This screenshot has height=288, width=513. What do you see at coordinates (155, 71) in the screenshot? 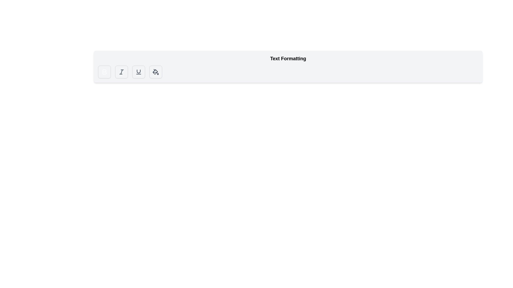
I see `the fourth icon in the horizontal series of icons, which resembles a paint bucket being tipped` at bounding box center [155, 71].